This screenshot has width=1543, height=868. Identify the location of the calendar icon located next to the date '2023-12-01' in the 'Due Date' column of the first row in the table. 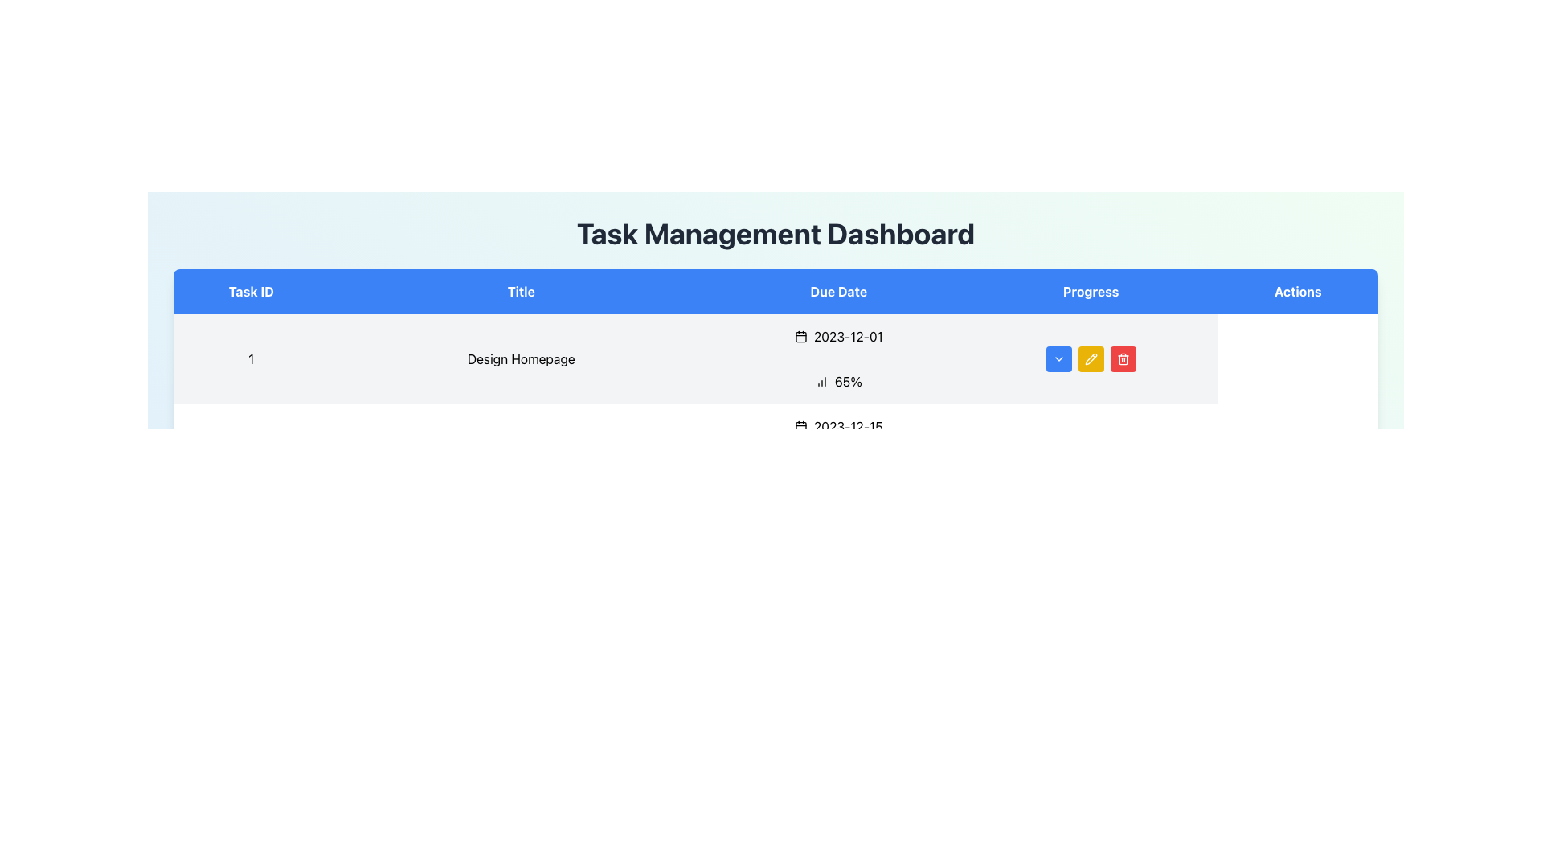
(800, 336).